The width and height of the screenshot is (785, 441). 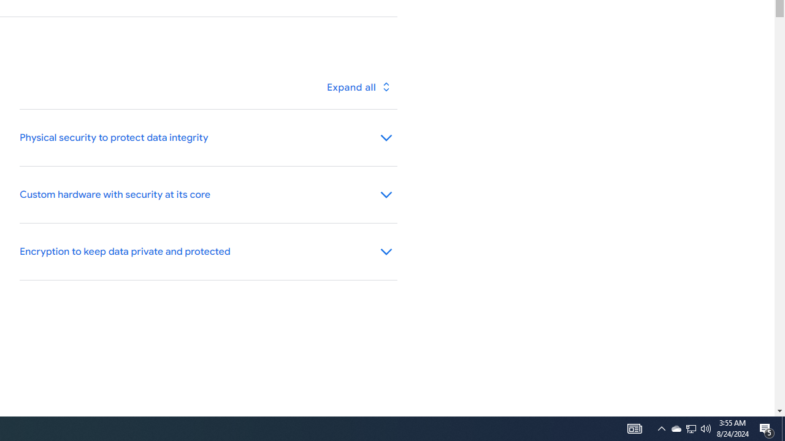 What do you see at coordinates (357, 86) in the screenshot?
I see `'Press to toggle all panels'` at bounding box center [357, 86].